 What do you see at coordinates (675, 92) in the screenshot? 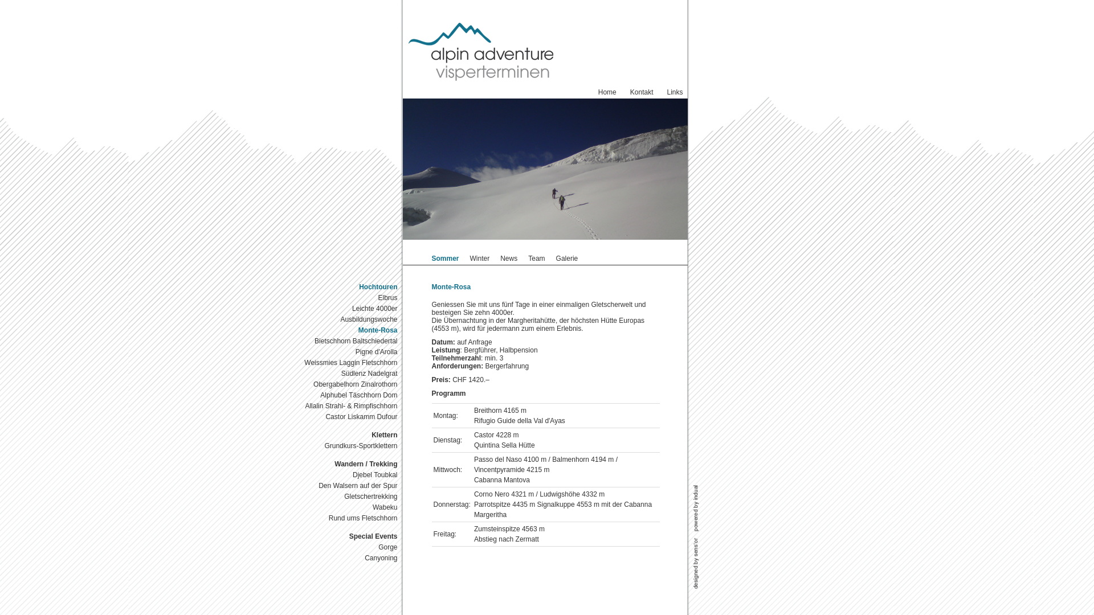
I see `'Links'` at bounding box center [675, 92].